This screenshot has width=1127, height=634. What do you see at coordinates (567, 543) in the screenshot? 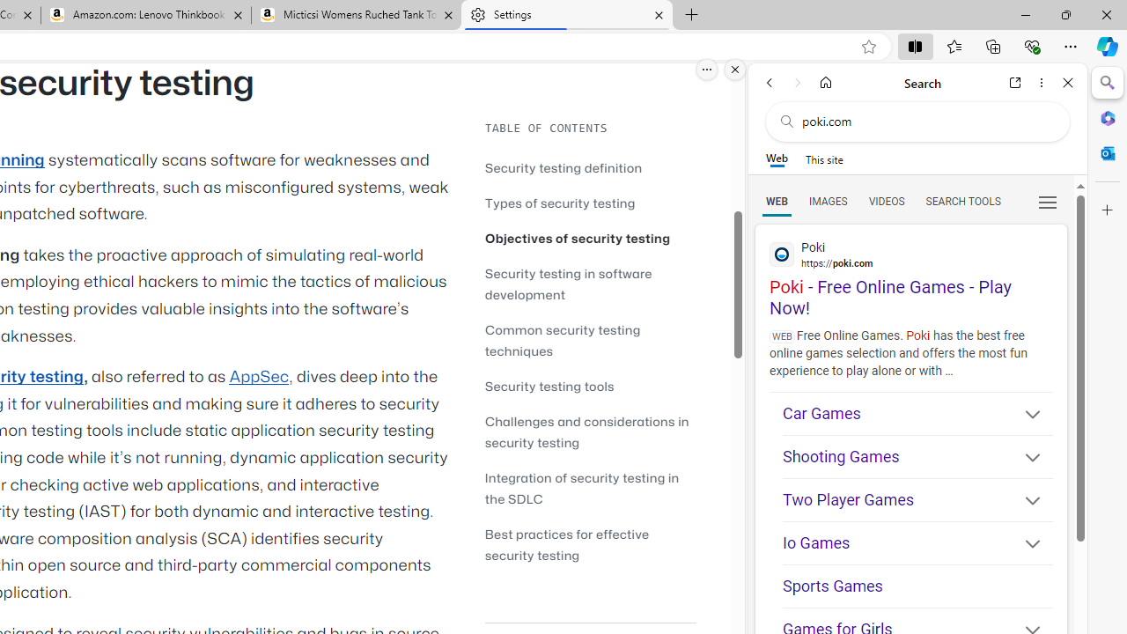
I see `'Best practices for effective security testing'` at bounding box center [567, 543].